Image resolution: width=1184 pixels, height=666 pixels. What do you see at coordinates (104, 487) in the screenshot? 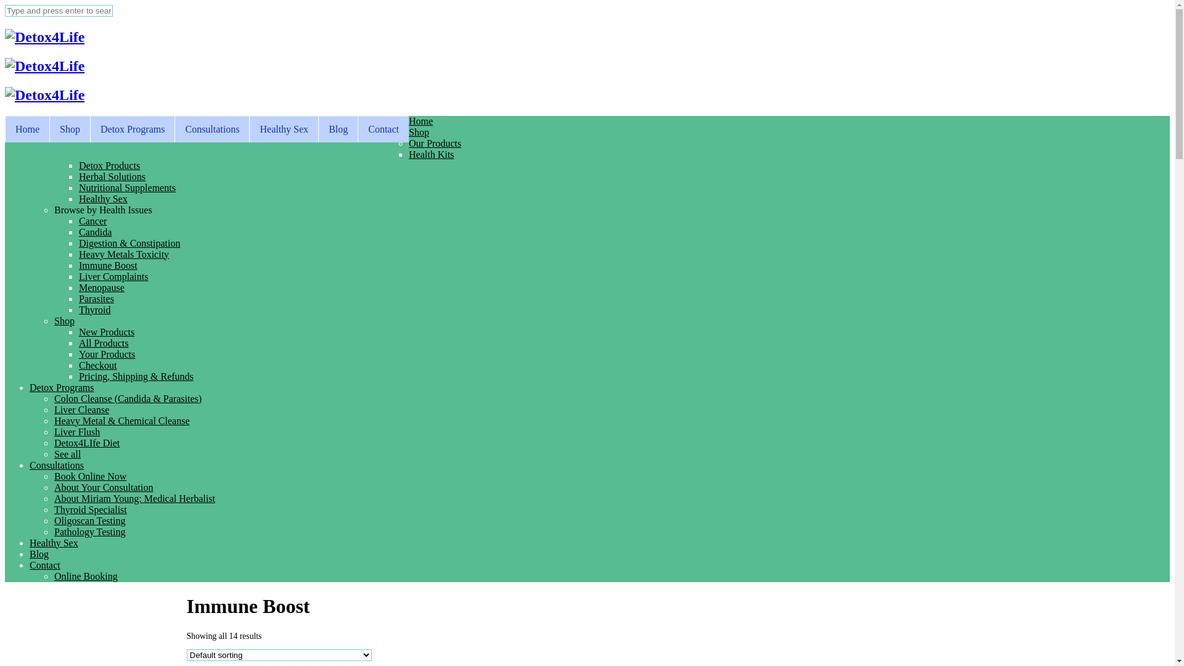
I see `'About Your Consultation'` at bounding box center [104, 487].